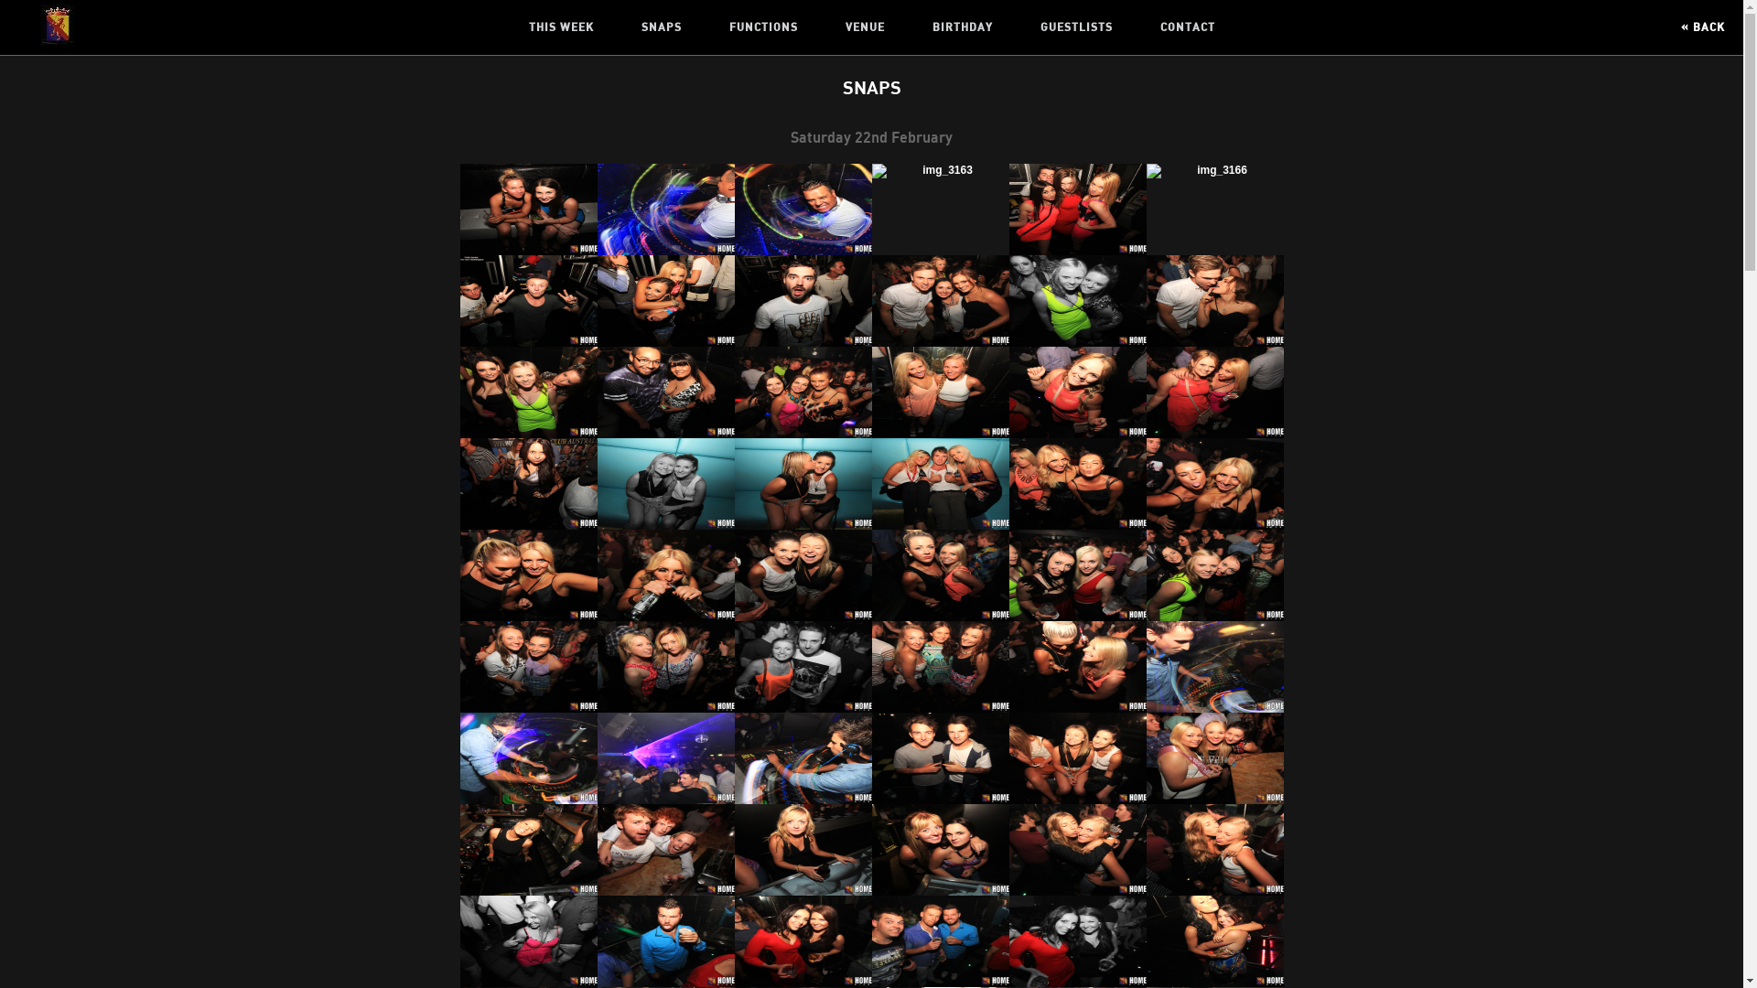 The height and width of the screenshot is (988, 1757). What do you see at coordinates (940, 391) in the screenshot?
I see `' '` at bounding box center [940, 391].